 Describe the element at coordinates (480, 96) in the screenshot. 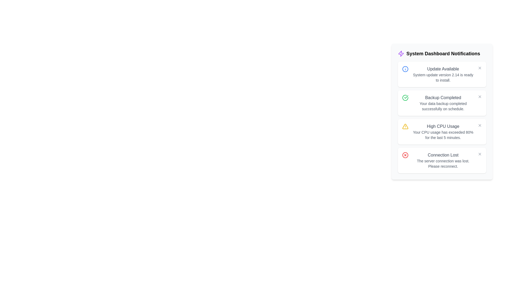

I see `the small gray 'X' icon button located in the top-right corner of the 'Backup Completed' notification card to change its color to dark gray` at that location.